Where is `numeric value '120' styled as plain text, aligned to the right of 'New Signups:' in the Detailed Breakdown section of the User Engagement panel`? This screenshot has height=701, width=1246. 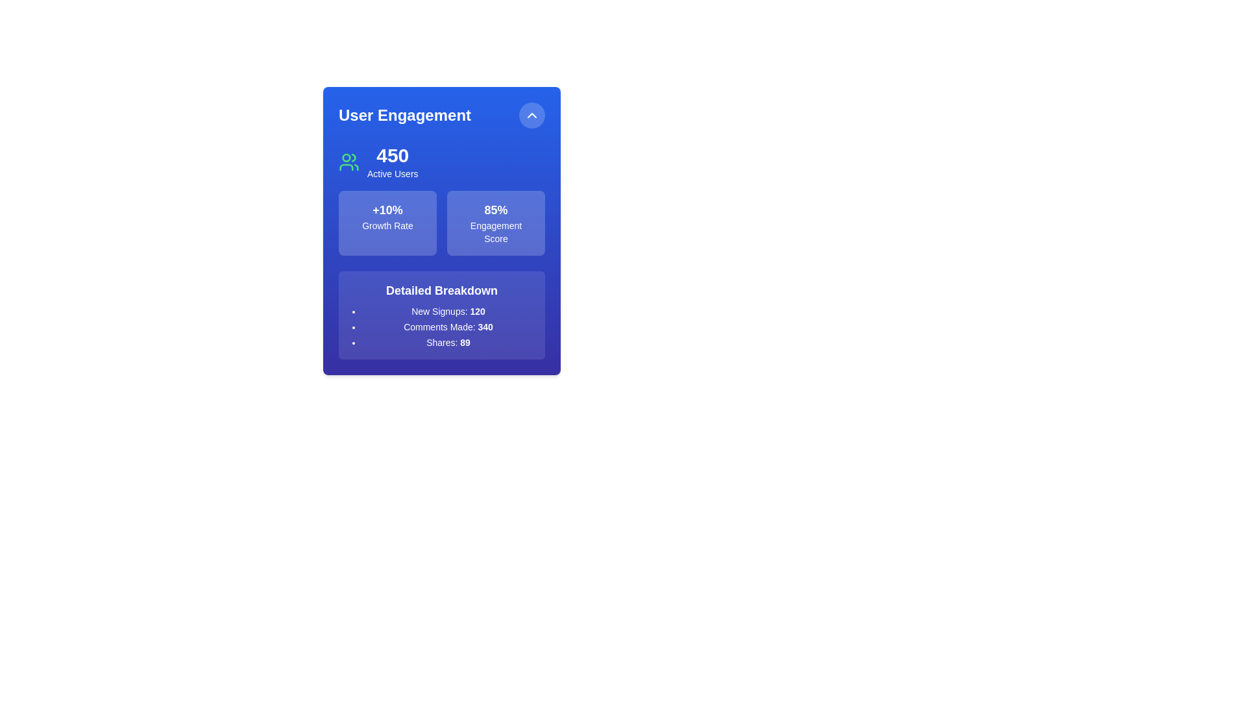
numeric value '120' styled as plain text, aligned to the right of 'New Signups:' in the Detailed Breakdown section of the User Engagement panel is located at coordinates (477, 311).